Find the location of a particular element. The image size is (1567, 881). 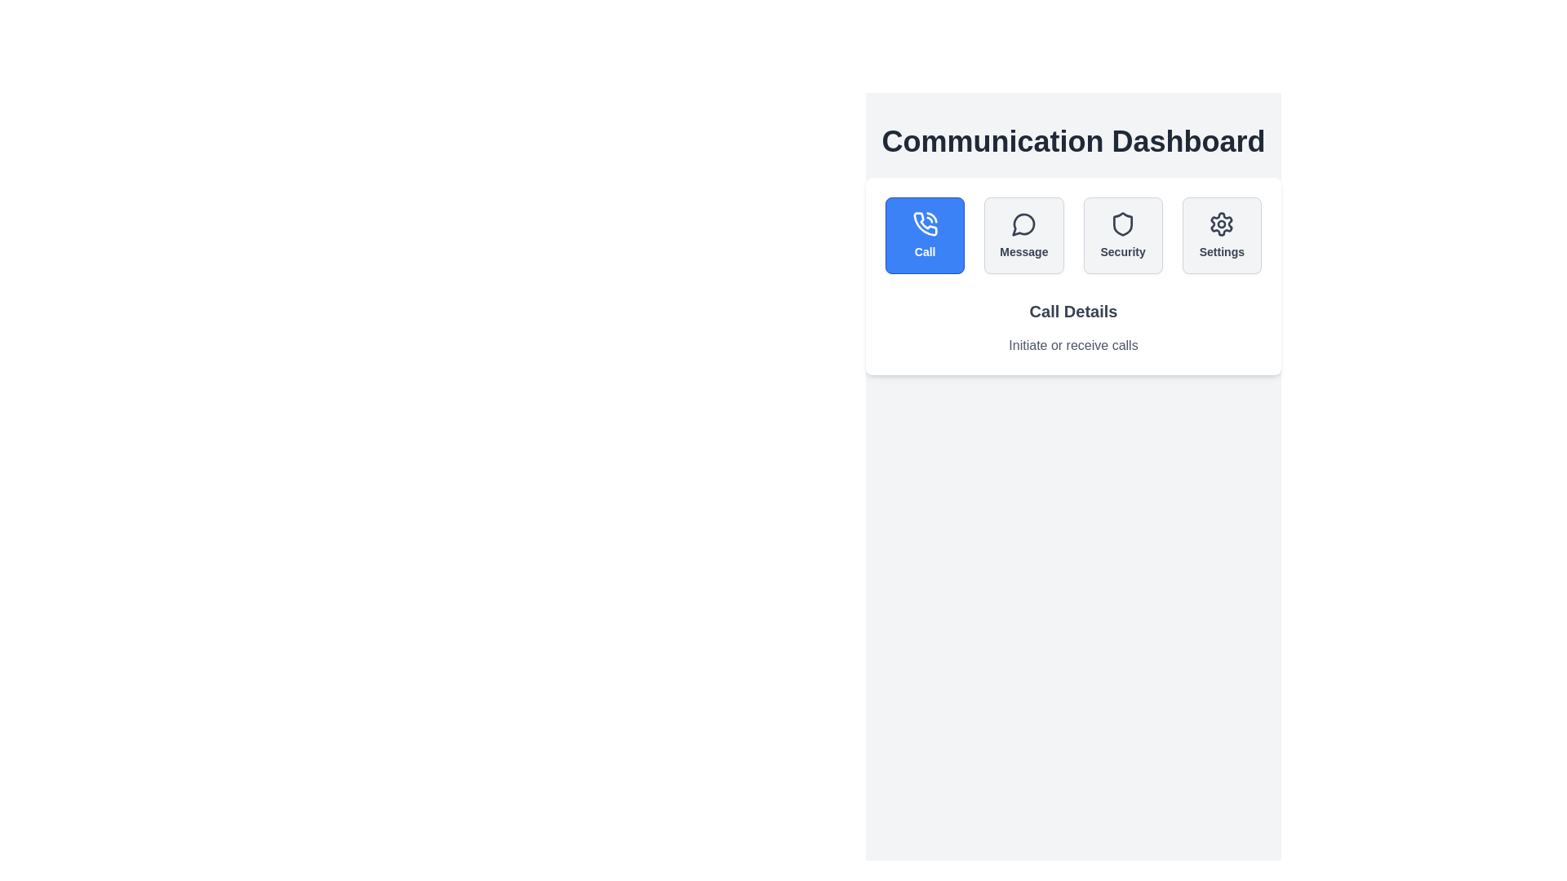

the messaging button located just below the 'Communication Dashboard' heading, second from the left in a row of four elements is located at coordinates (1023, 236).